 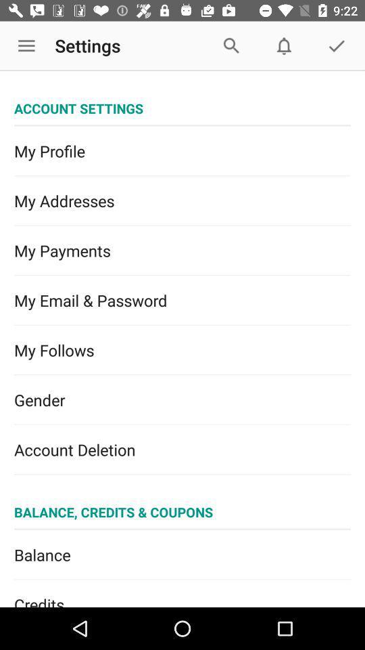 I want to click on my email & password, so click(x=182, y=301).